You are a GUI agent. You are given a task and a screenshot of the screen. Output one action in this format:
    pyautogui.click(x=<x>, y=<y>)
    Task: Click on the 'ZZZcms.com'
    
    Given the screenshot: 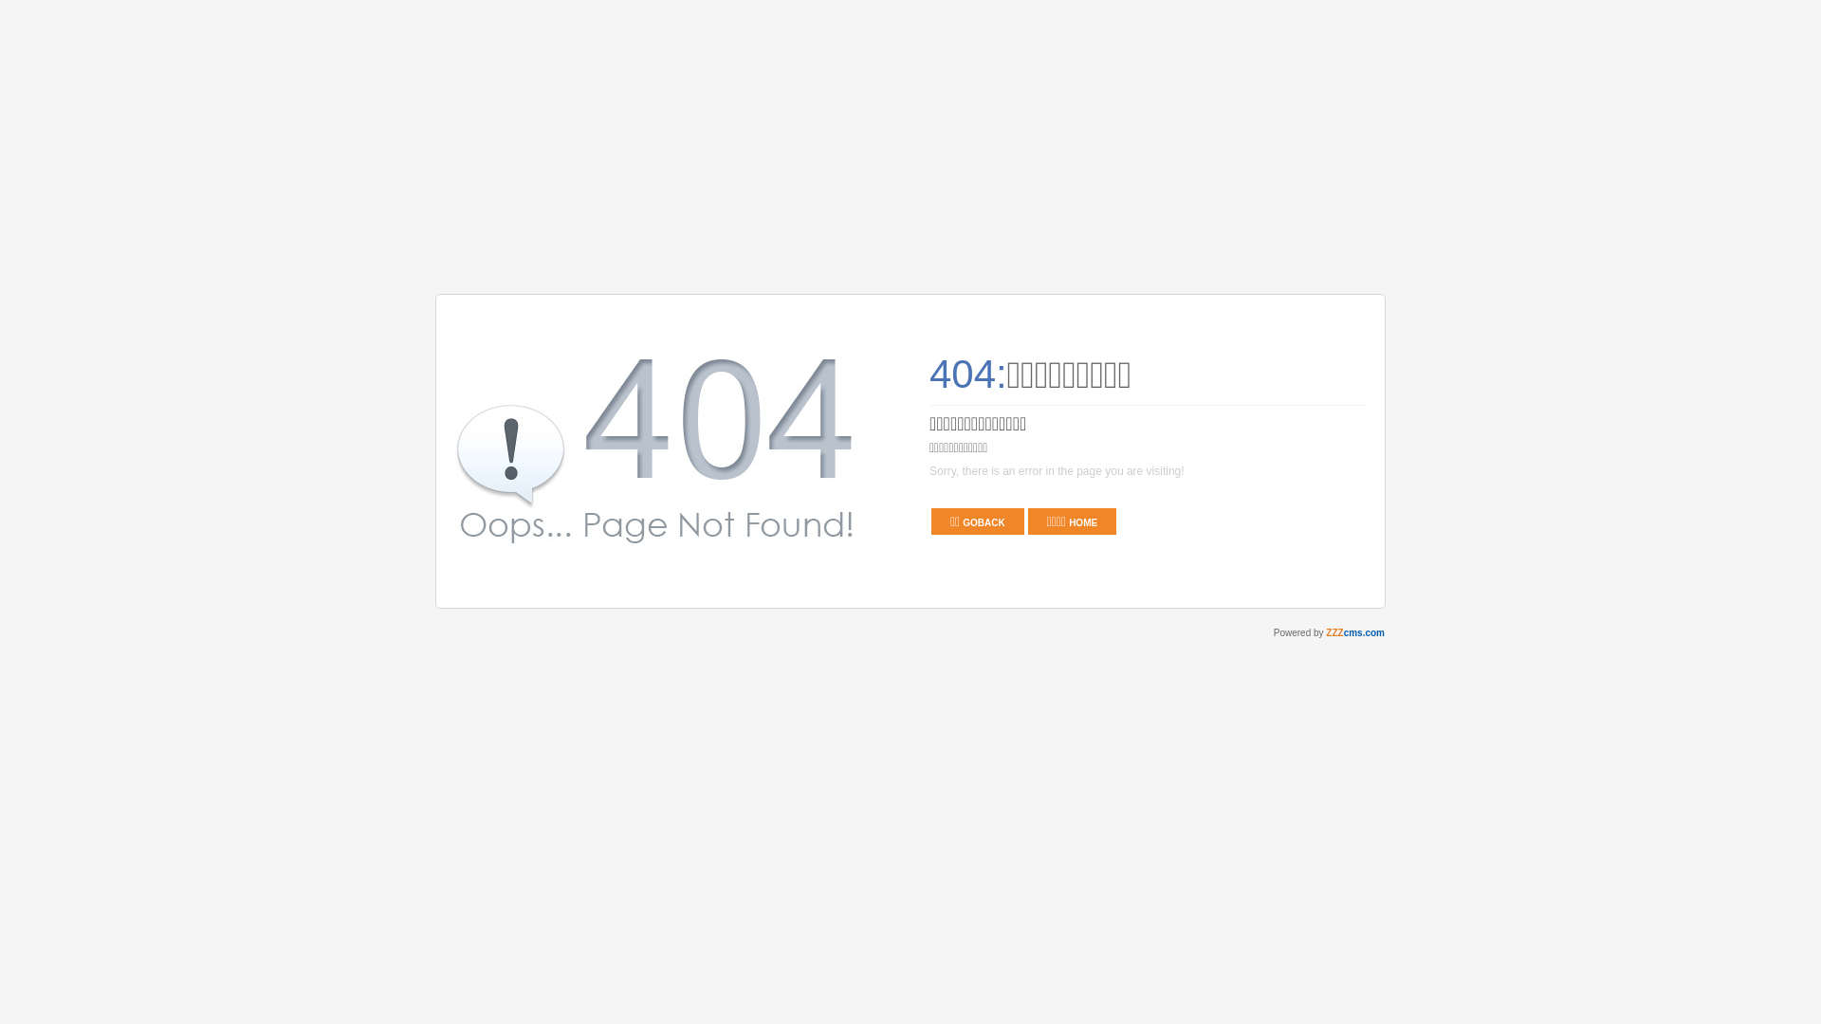 What is the action you would take?
    pyautogui.click(x=1354, y=632)
    